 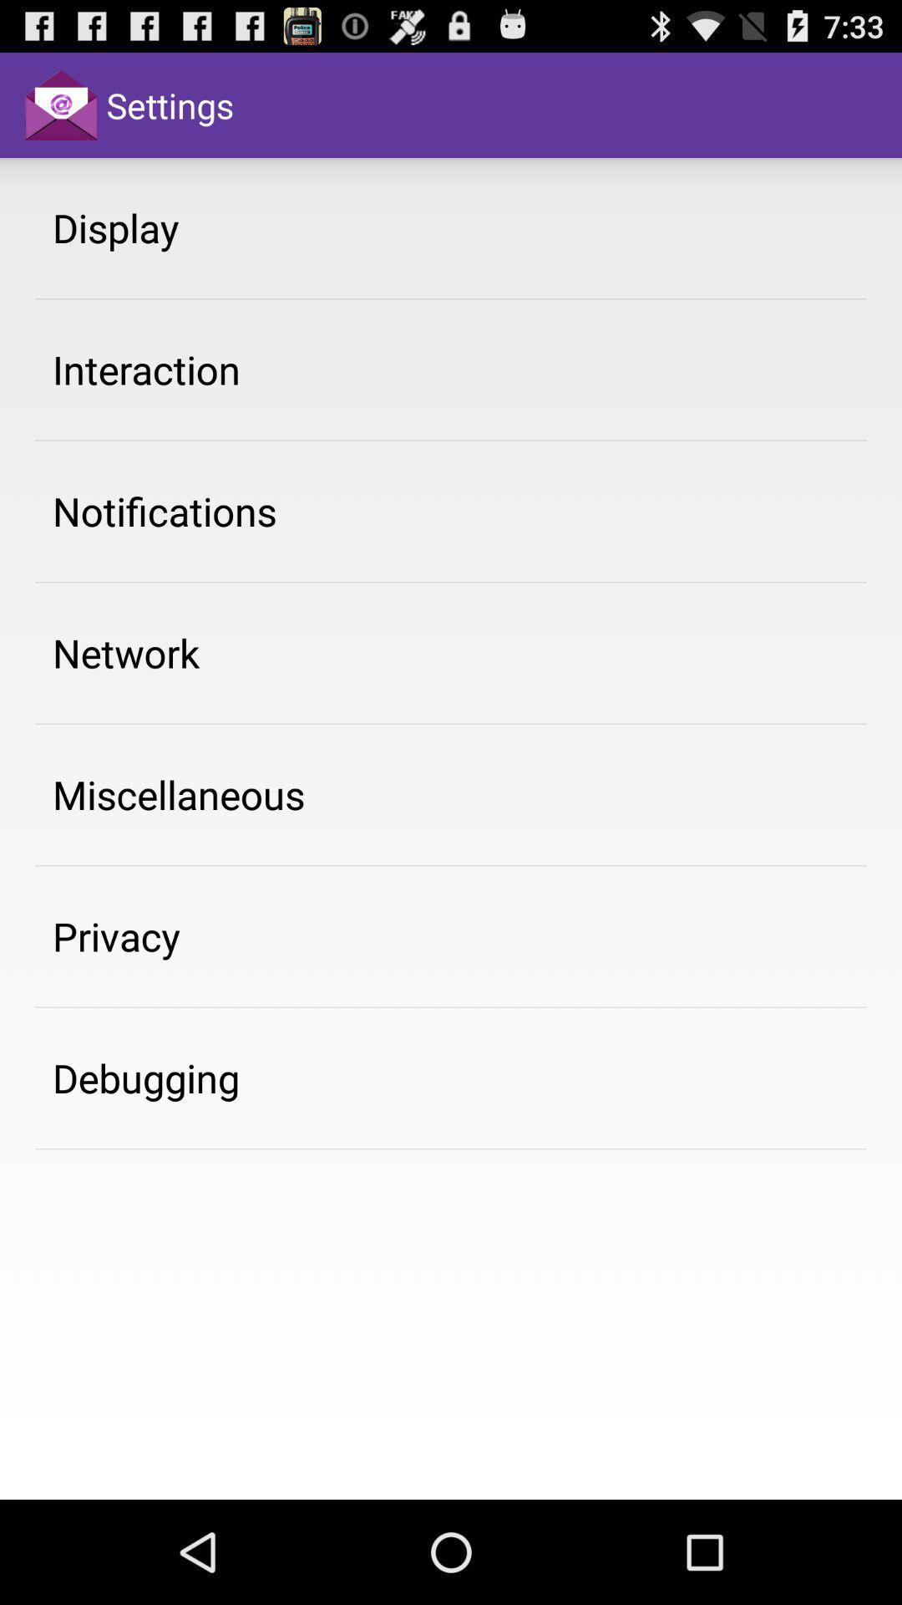 I want to click on notifications, so click(x=165, y=510).